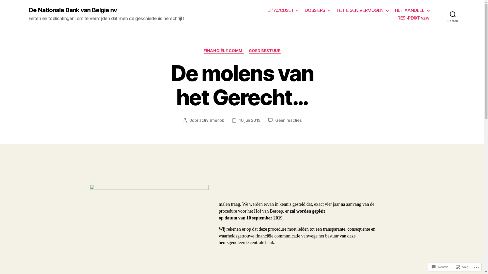 Image resolution: width=488 pixels, height=274 pixels. I want to click on '10 jun 2019', so click(239, 120).